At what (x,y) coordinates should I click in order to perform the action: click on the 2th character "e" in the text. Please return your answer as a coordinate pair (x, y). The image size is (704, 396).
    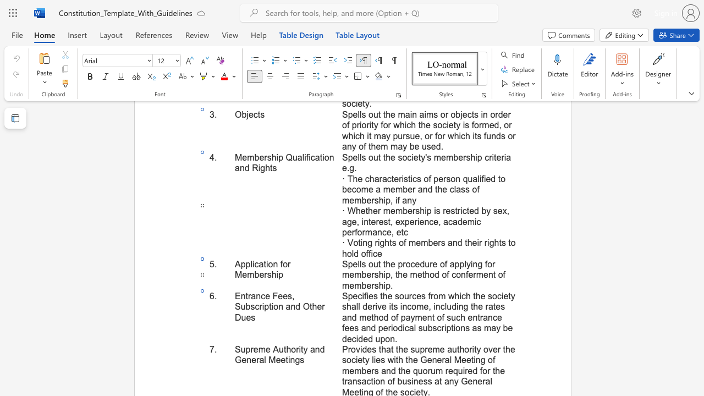
    Looking at the image, I should click on (268, 349).